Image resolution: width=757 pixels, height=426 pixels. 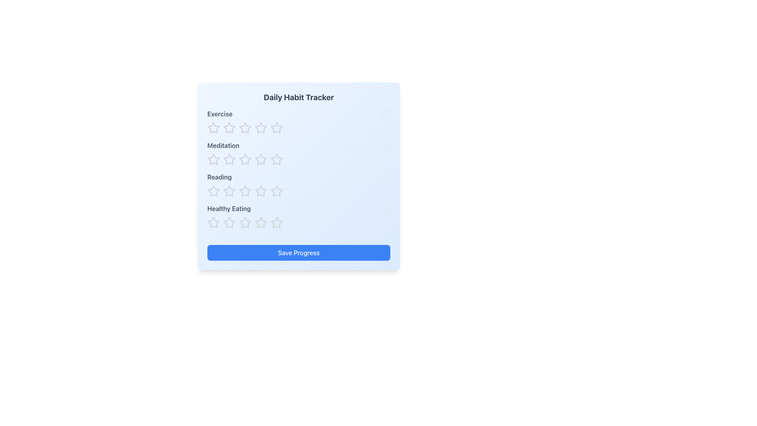 What do you see at coordinates (245, 222) in the screenshot?
I see `the fourth star icon in the 'Healthy Eating' row to observe the scale transition effect` at bounding box center [245, 222].